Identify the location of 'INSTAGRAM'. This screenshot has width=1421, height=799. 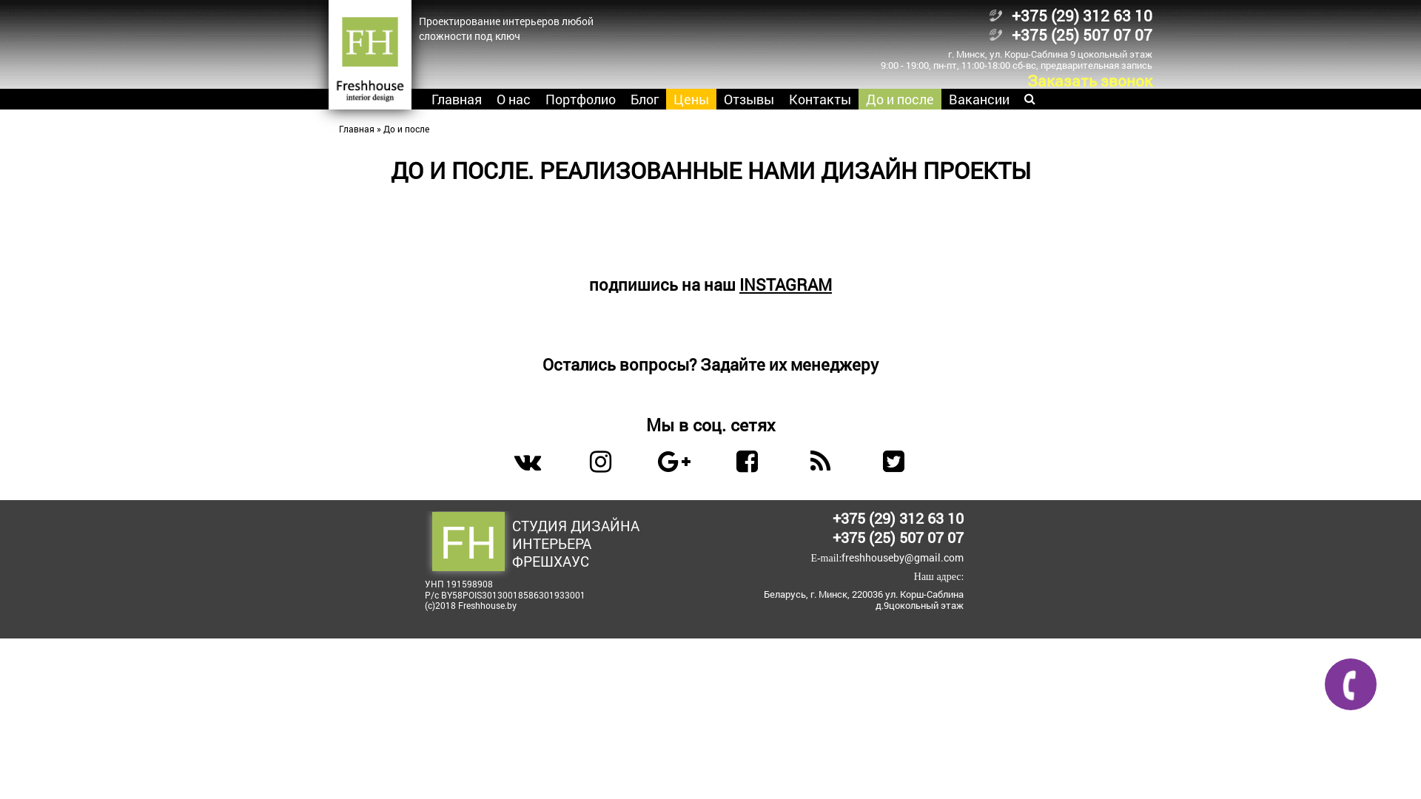
(739, 284).